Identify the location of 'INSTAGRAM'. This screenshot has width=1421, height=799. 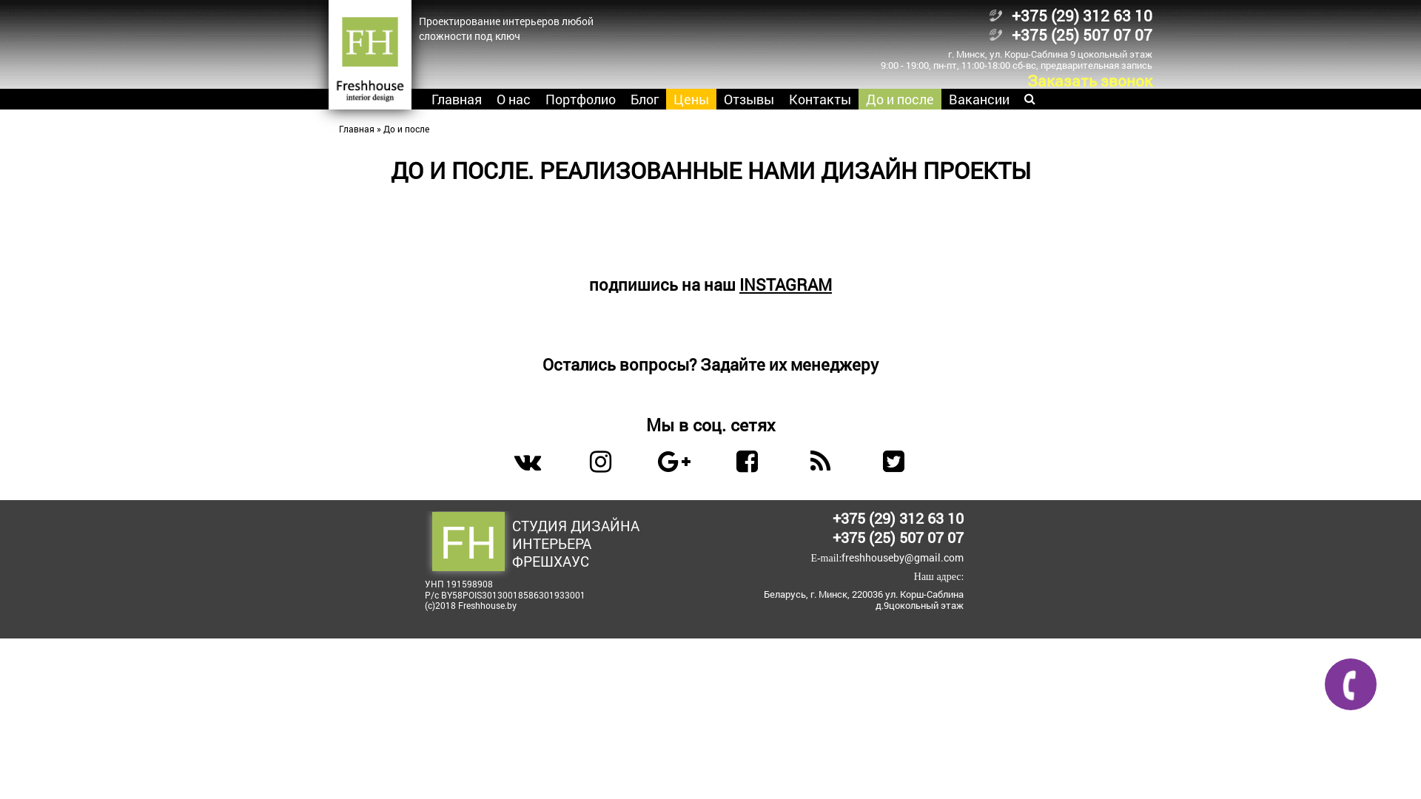
(739, 284).